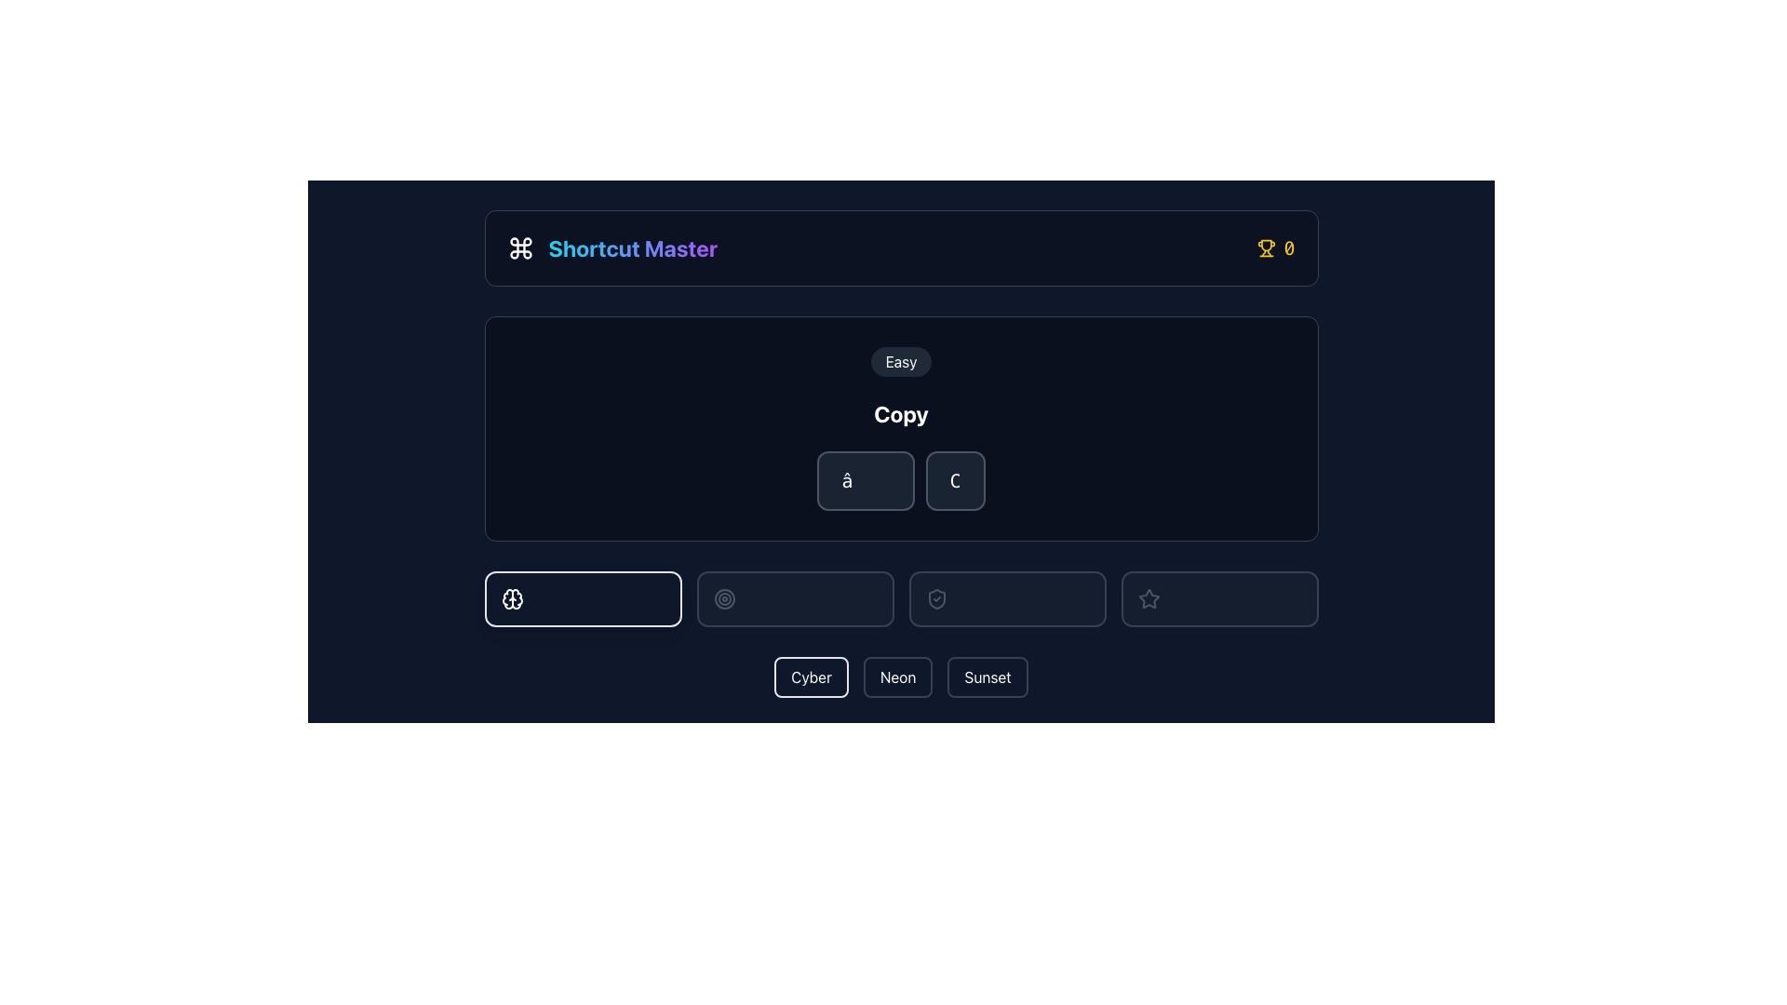 Image resolution: width=1787 pixels, height=1005 pixels. Describe the element at coordinates (812, 677) in the screenshot. I see `the text label displaying 'Cyber', which is located within a button-like component in the bottom-central portion of the interface, and is the leftmost among similar buttons labeled 'Neon' and 'Sunset'` at that location.